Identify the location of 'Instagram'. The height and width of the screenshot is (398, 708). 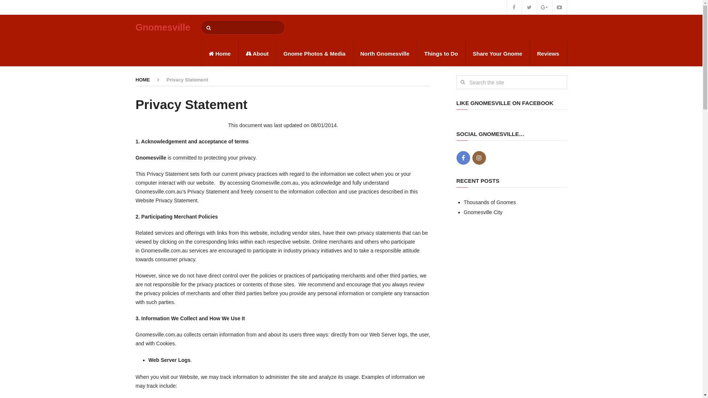
(479, 157).